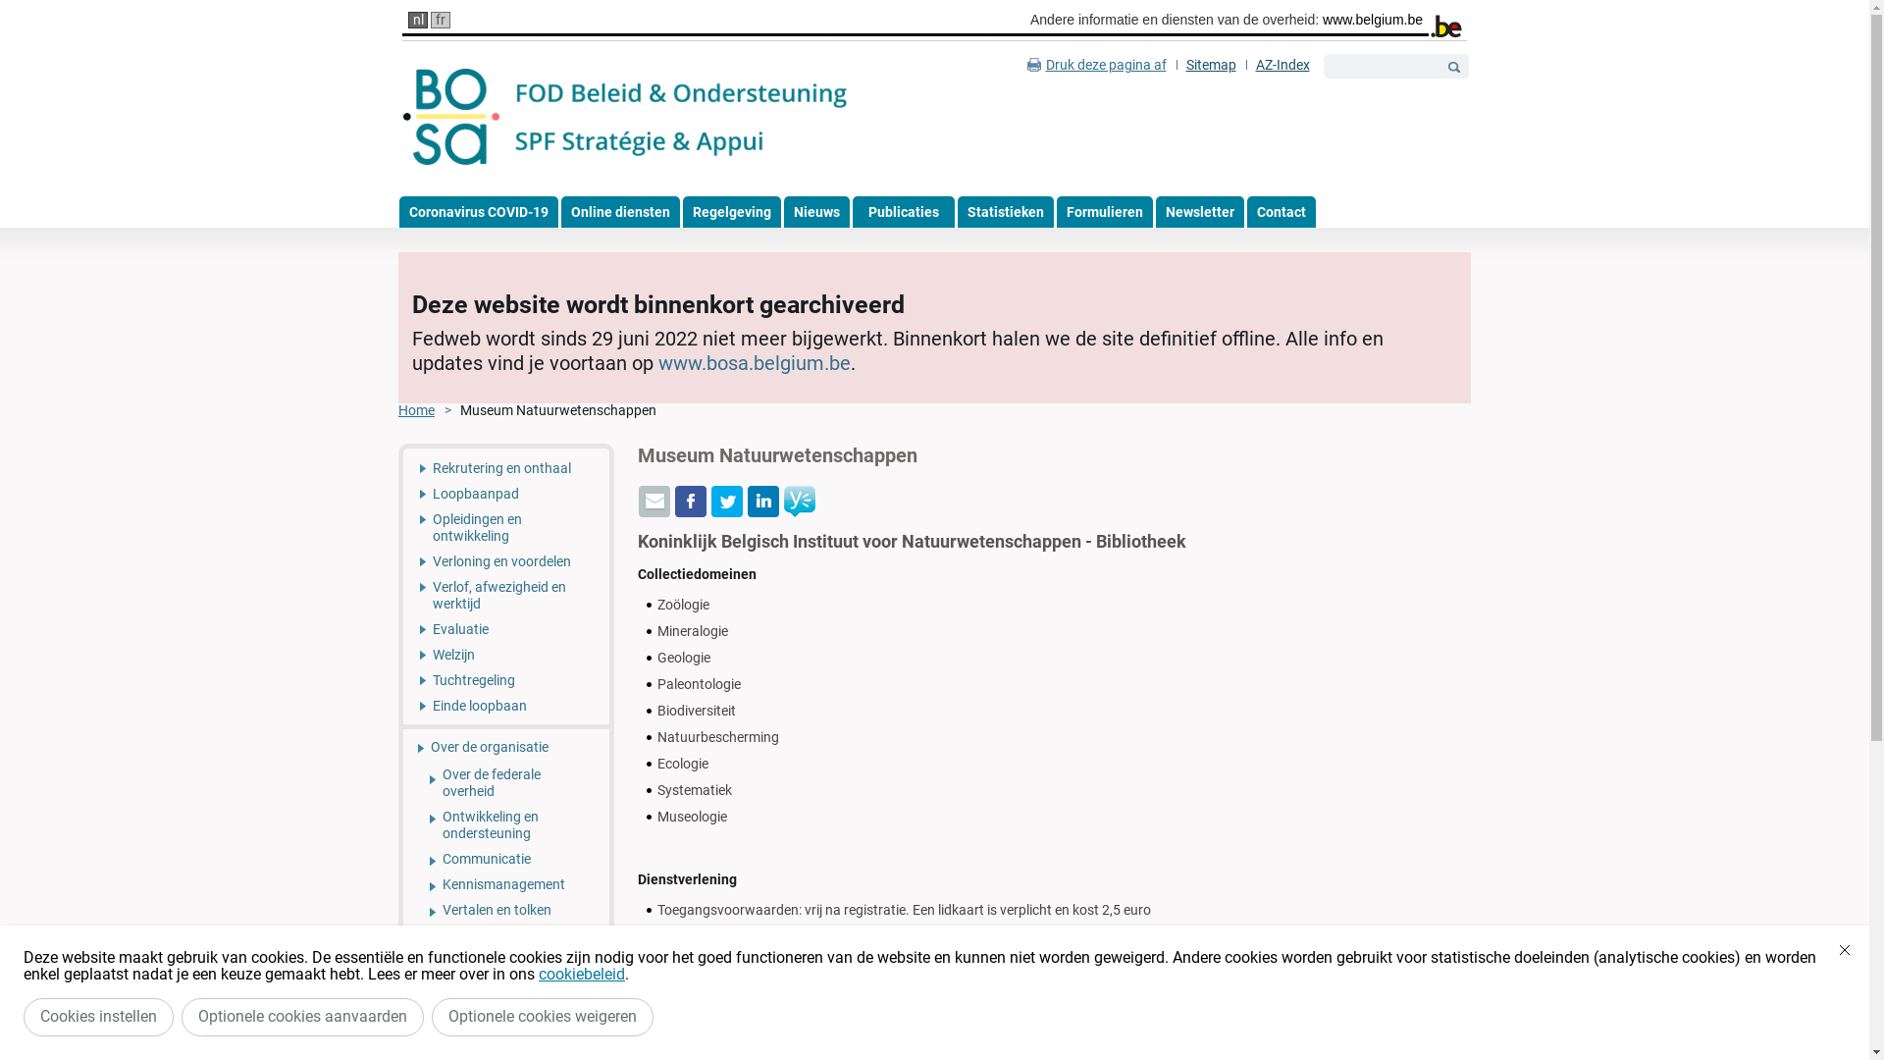 The height and width of the screenshot is (1060, 1884). Describe the element at coordinates (815, 212) in the screenshot. I see `'Nieuws'` at that location.